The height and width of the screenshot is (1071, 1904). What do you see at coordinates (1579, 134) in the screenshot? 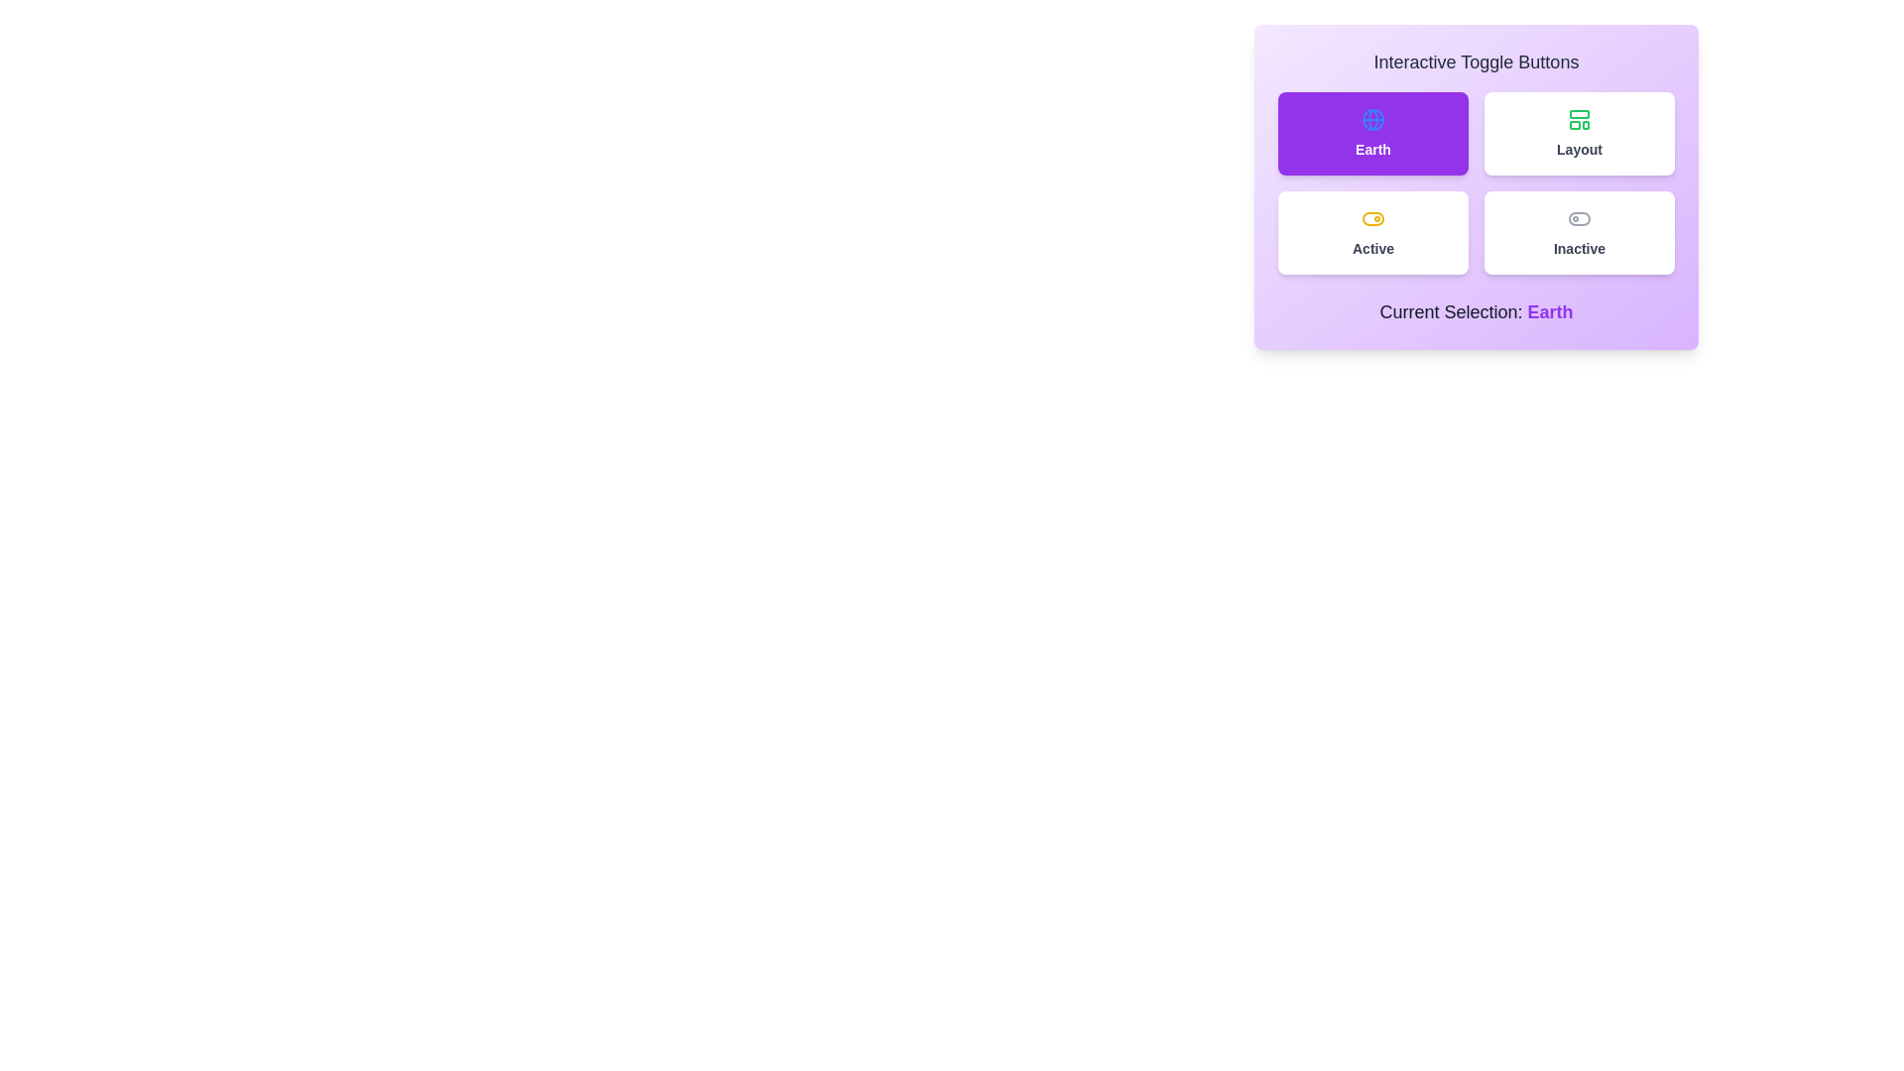
I see `the button labeled Layout` at bounding box center [1579, 134].